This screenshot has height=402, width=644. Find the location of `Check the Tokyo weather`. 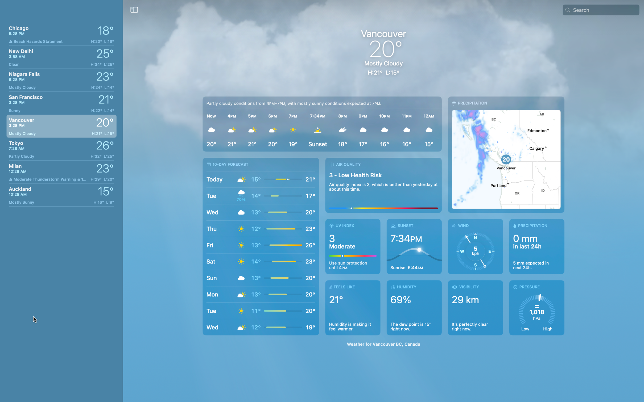

Check the Tokyo weather is located at coordinates (60, 149).